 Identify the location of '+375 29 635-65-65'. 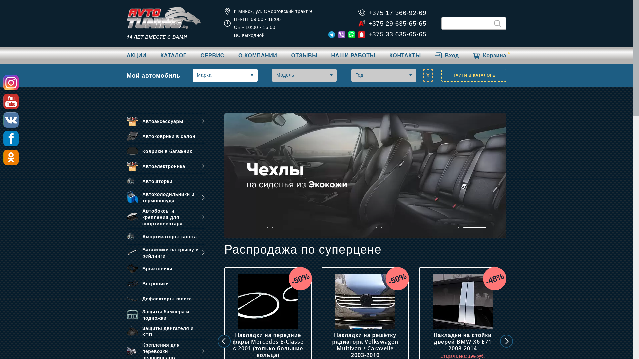
(368, 23).